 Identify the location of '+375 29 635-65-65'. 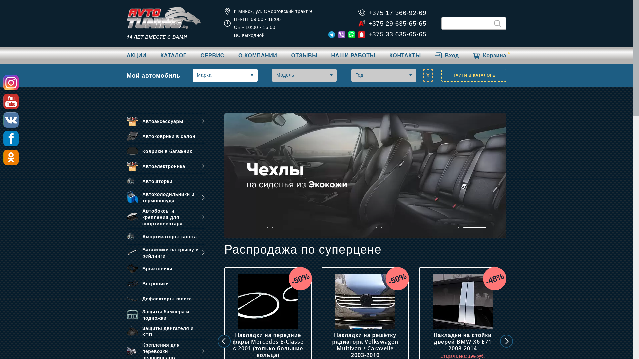
(368, 23).